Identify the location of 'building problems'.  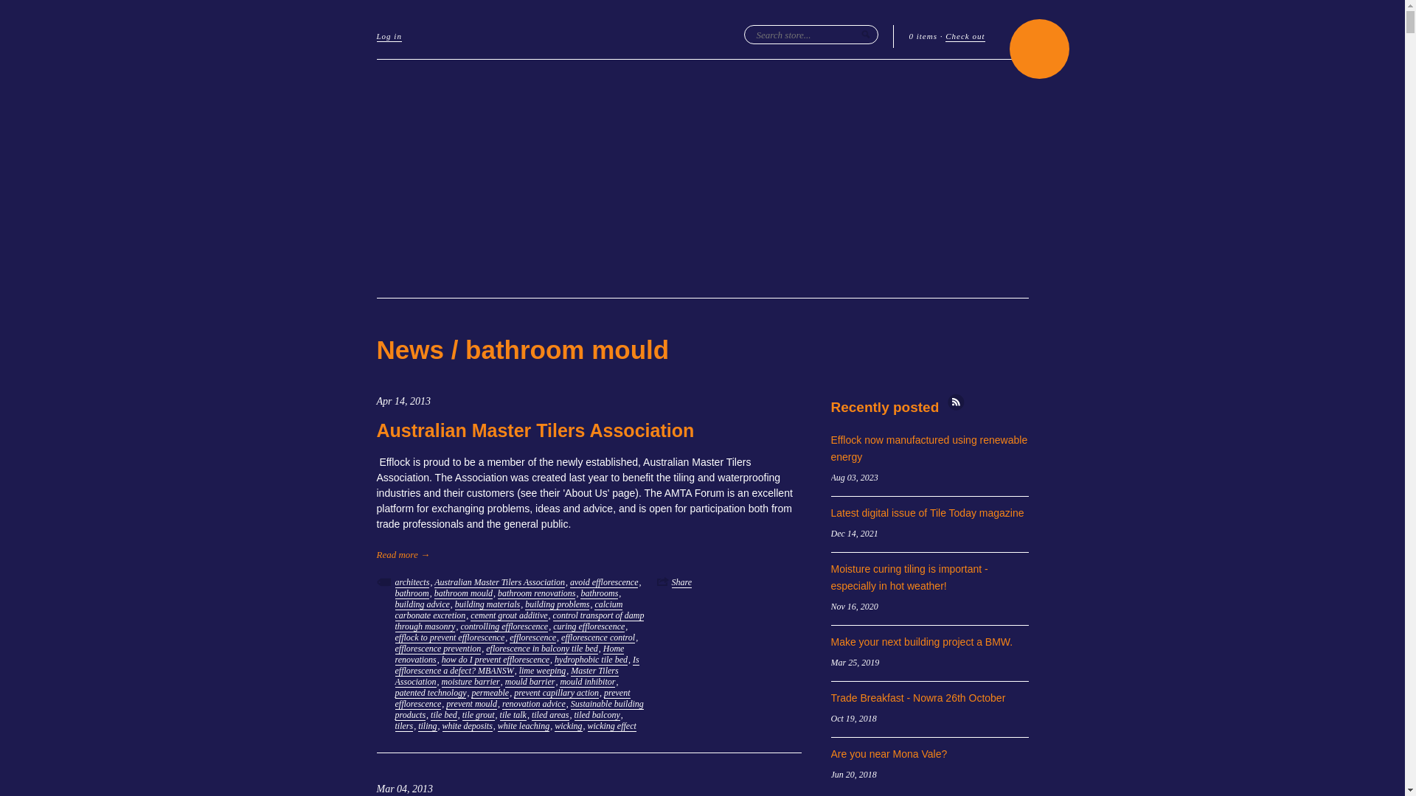
(524, 604).